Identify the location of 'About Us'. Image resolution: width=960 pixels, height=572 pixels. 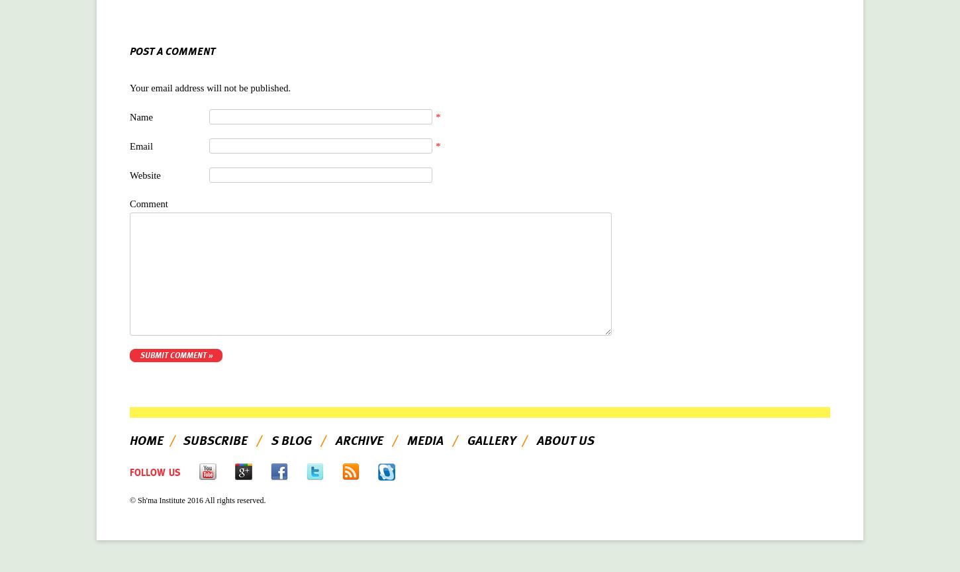
(565, 440).